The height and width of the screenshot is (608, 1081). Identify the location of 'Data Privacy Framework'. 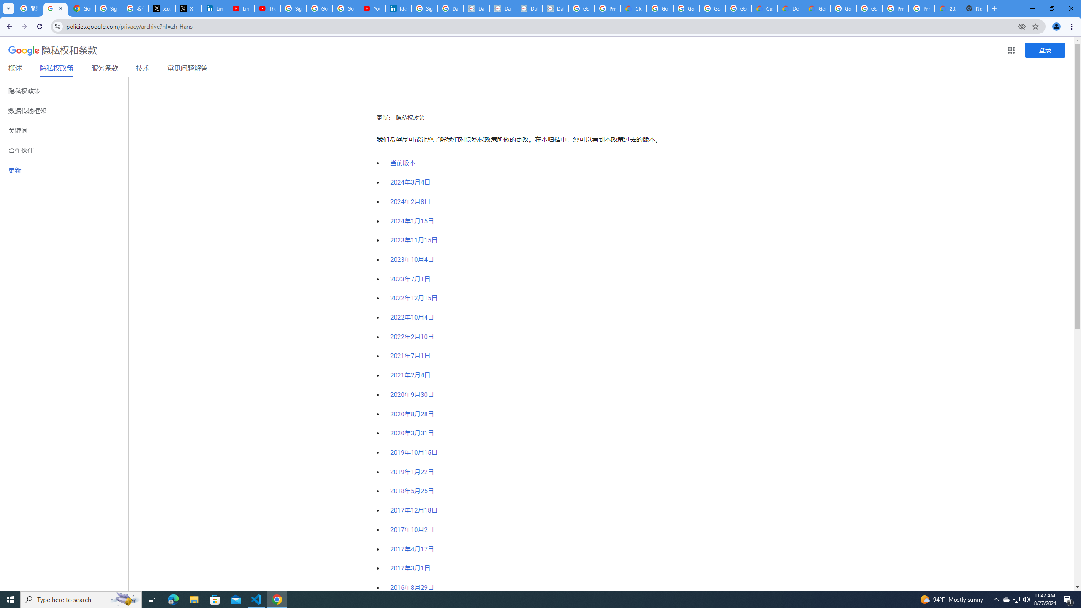
(476, 8).